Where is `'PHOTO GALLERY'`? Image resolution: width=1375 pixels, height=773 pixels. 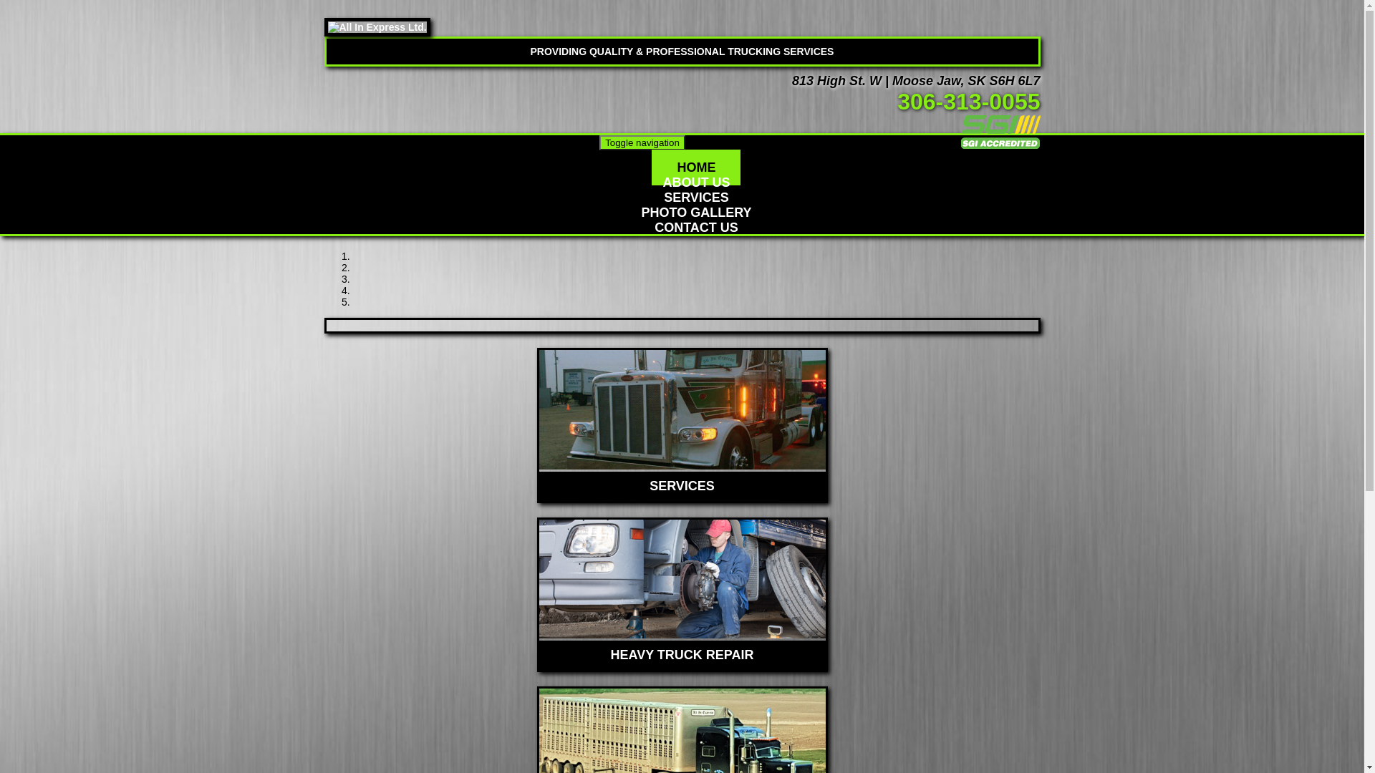 'PHOTO GALLERY' is located at coordinates (695, 213).